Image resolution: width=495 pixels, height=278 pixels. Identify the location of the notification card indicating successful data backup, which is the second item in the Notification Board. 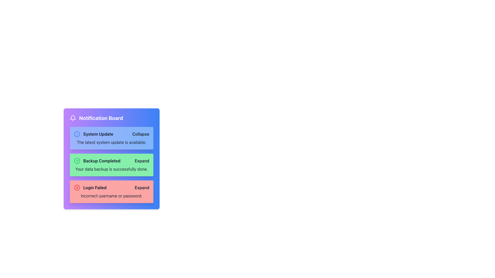
(111, 165).